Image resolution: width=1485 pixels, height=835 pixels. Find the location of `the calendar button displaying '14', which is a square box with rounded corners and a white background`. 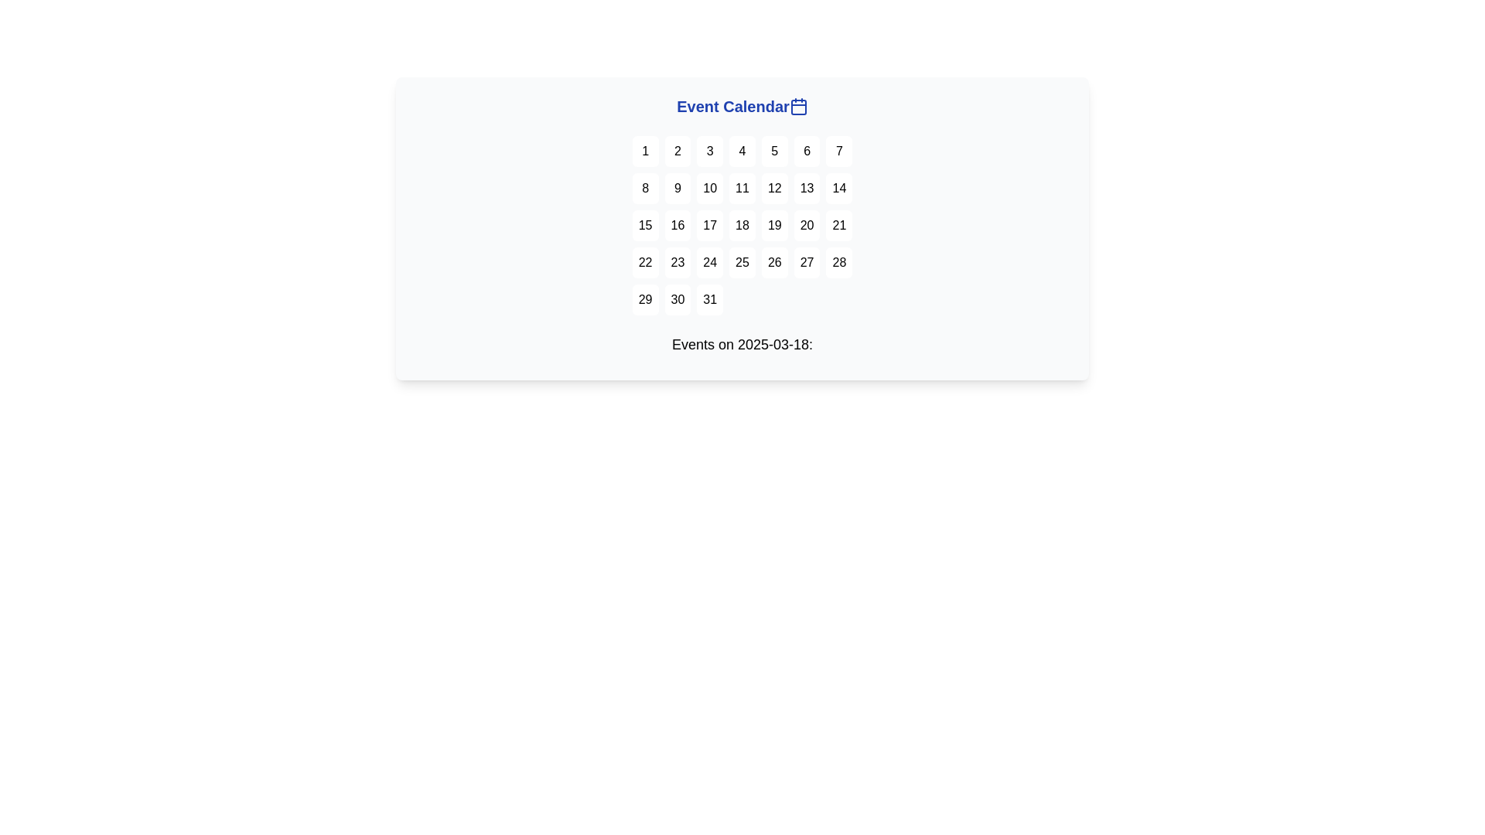

the calendar button displaying '14', which is a square box with rounded corners and a white background is located at coordinates (838, 187).